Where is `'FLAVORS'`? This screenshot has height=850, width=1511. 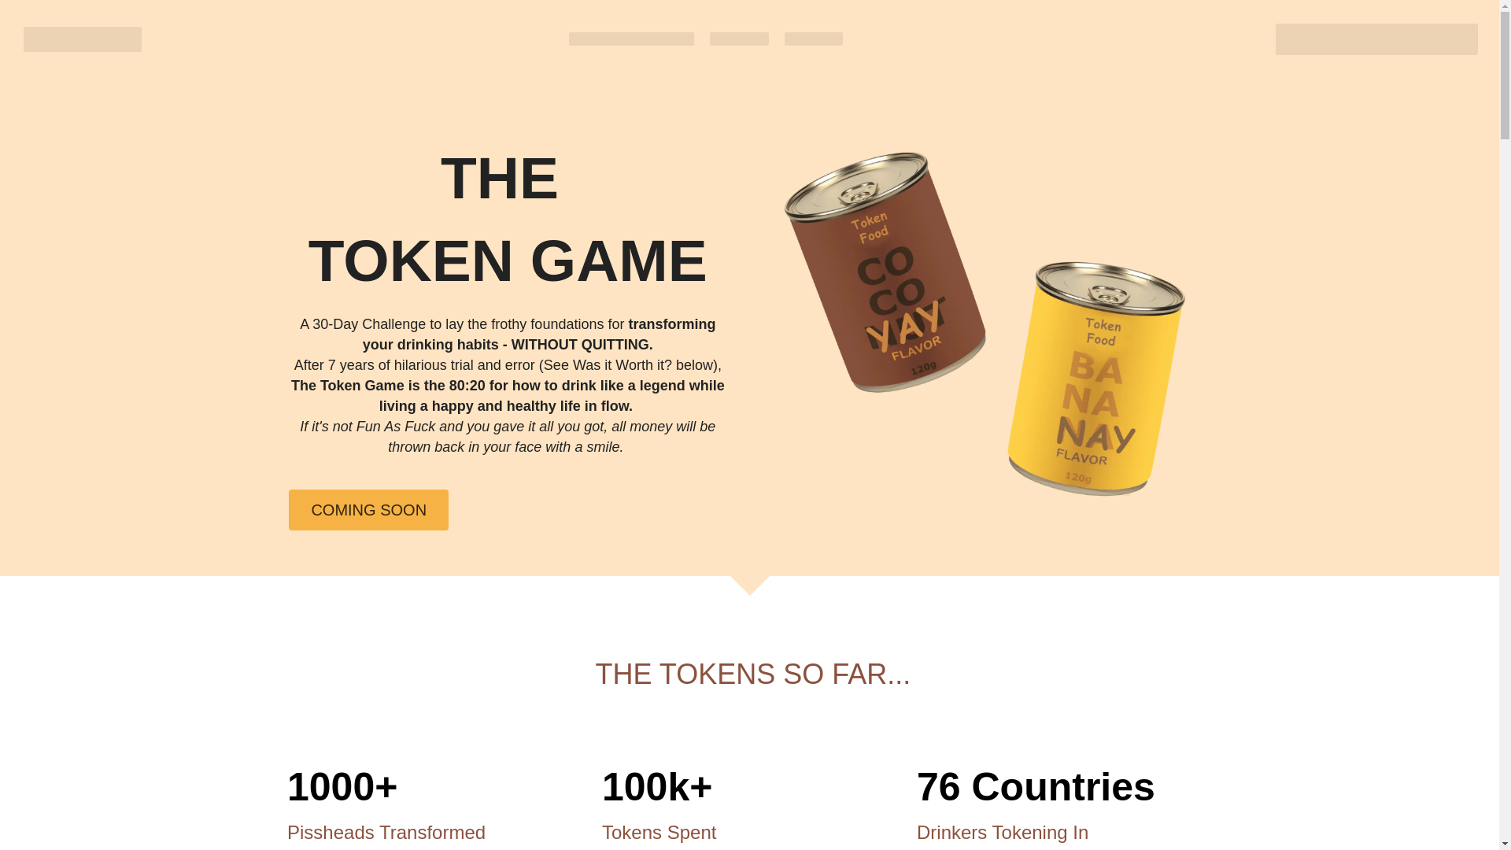
'FLAVORS' is located at coordinates (709, 38).